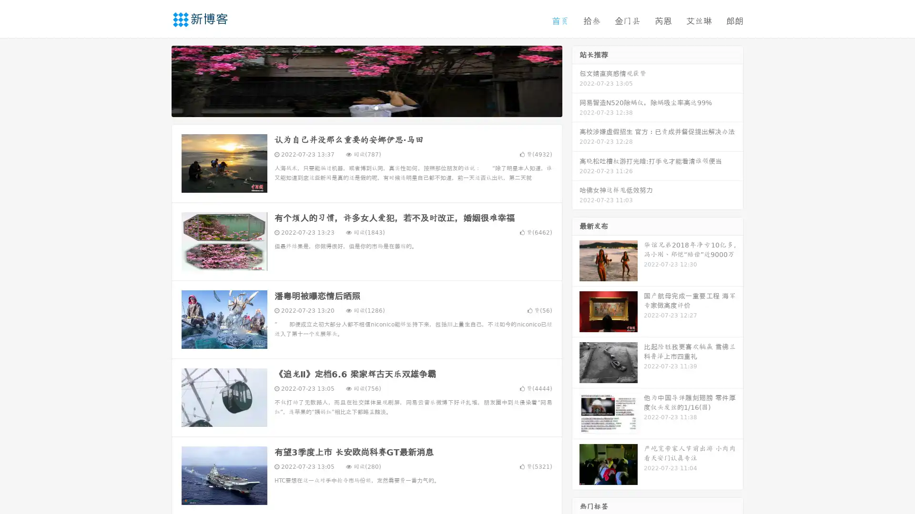 The image size is (915, 514). Describe the element at coordinates (376, 107) in the screenshot. I see `Go to slide 3` at that location.